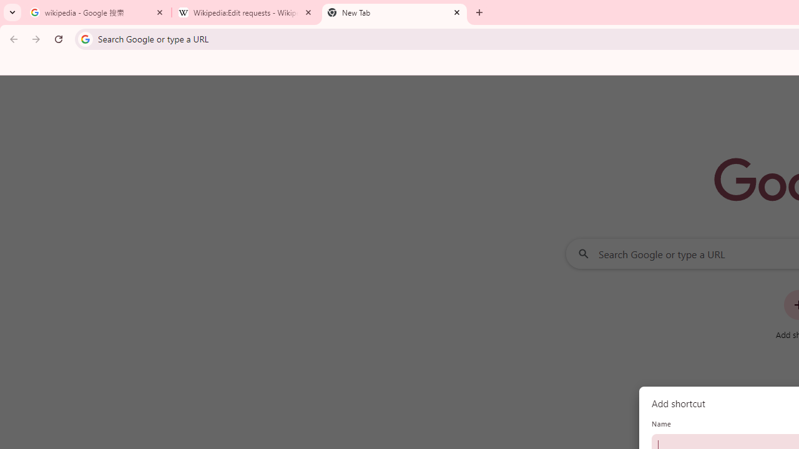  Describe the element at coordinates (246, 12) in the screenshot. I see `'Wikipedia:Edit requests - Wikipedia'` at that location.